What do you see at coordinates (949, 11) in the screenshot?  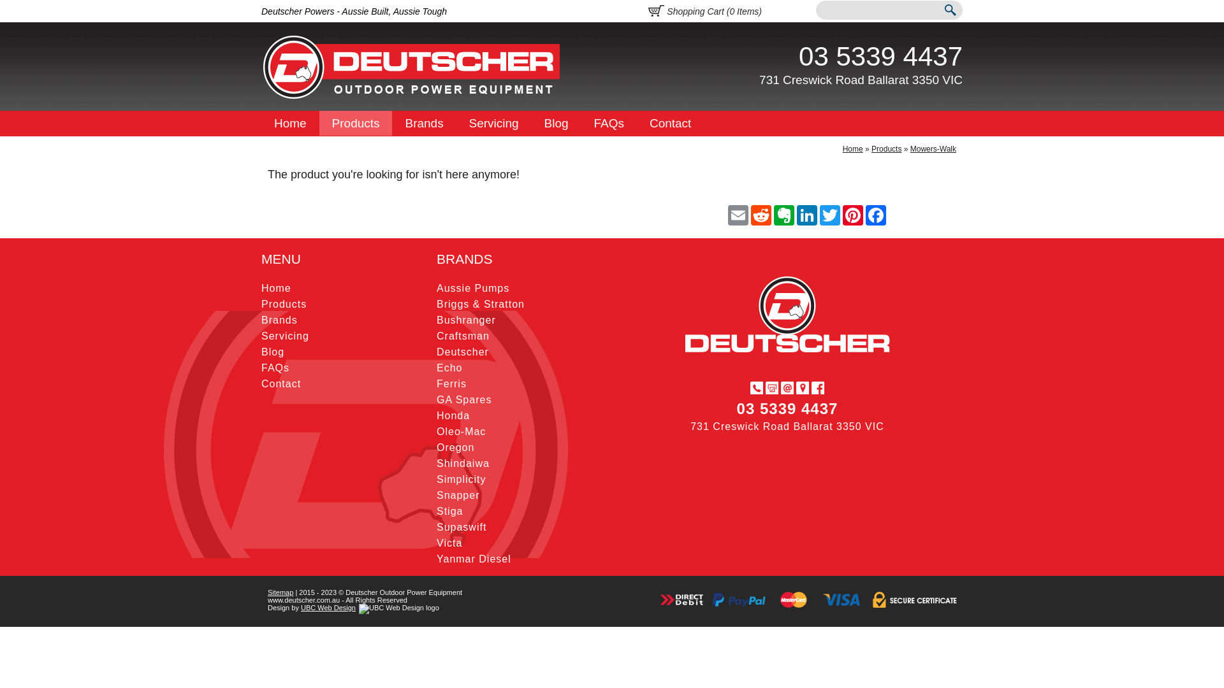 I see `'Search'` at bounding box center [949, 11].